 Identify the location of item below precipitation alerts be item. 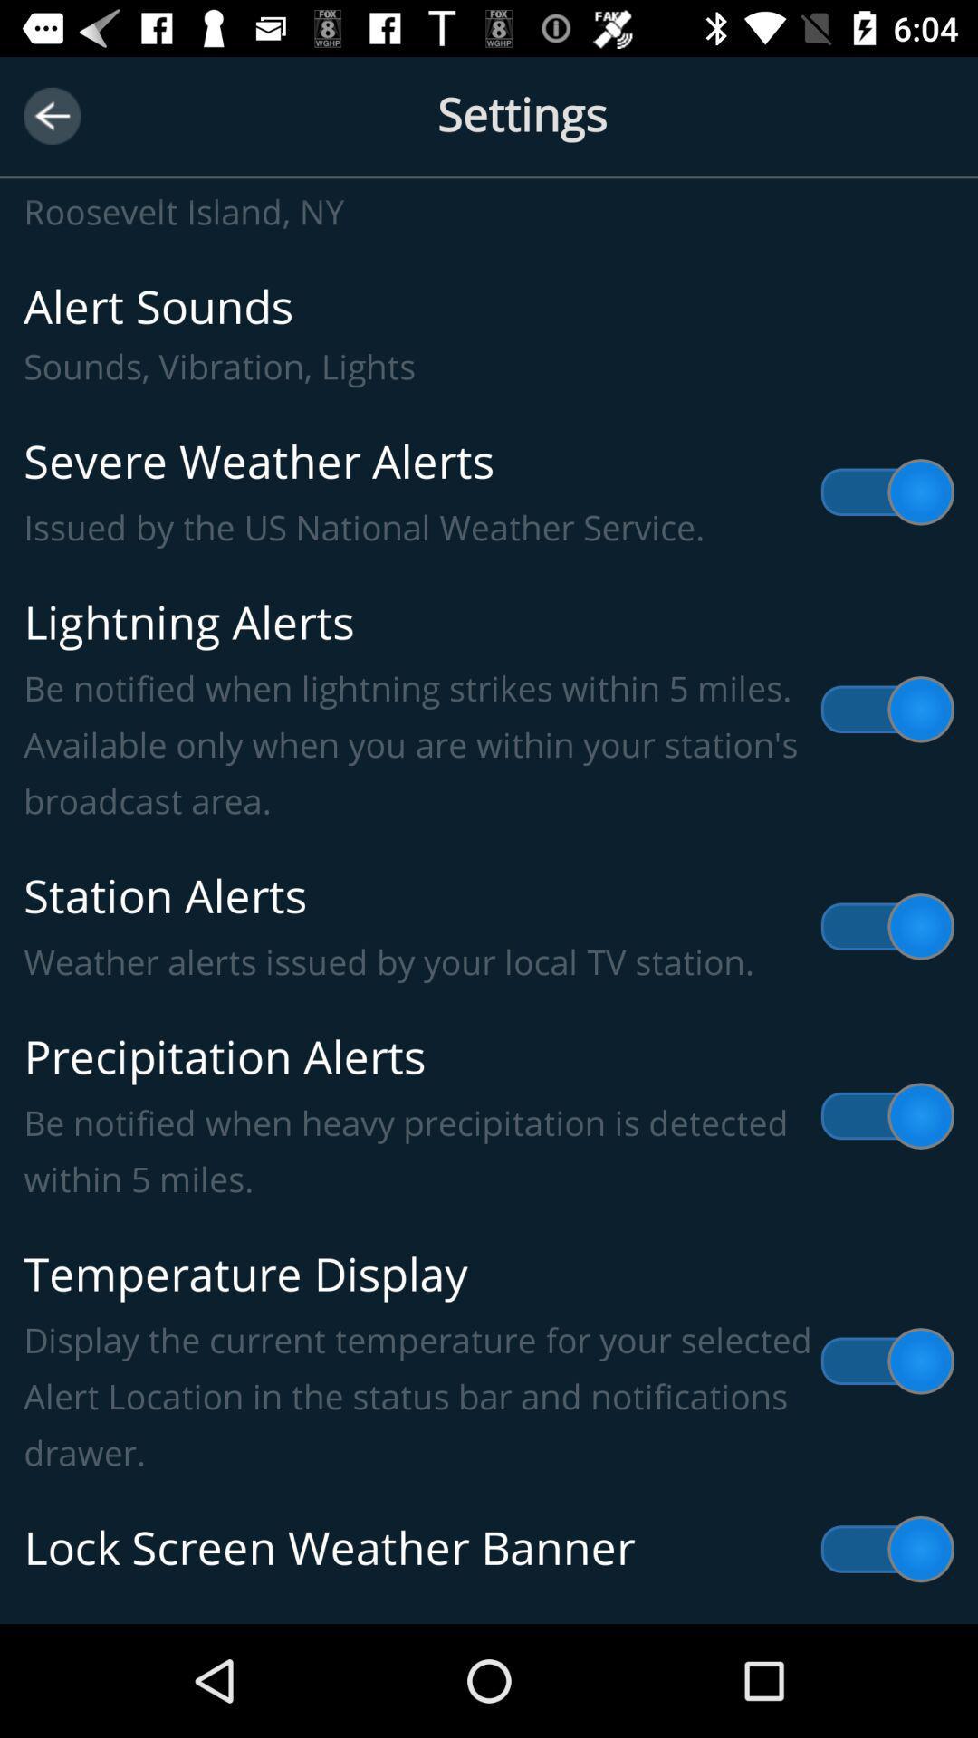
(489, 1361).